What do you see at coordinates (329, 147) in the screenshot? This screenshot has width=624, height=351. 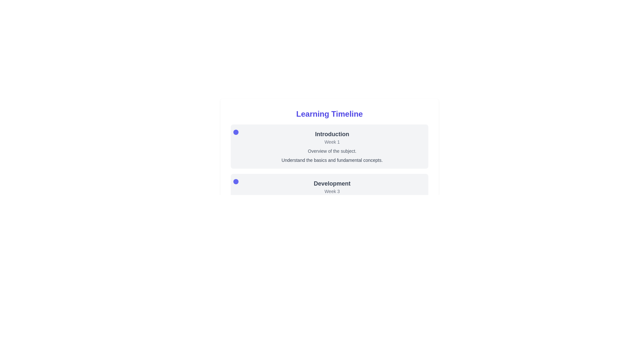 I see `the informational card summarizing the topic 'Introduction' for Week 1, which is centrally located and the first entry in the list of sections` at bounding box center [329, 147].